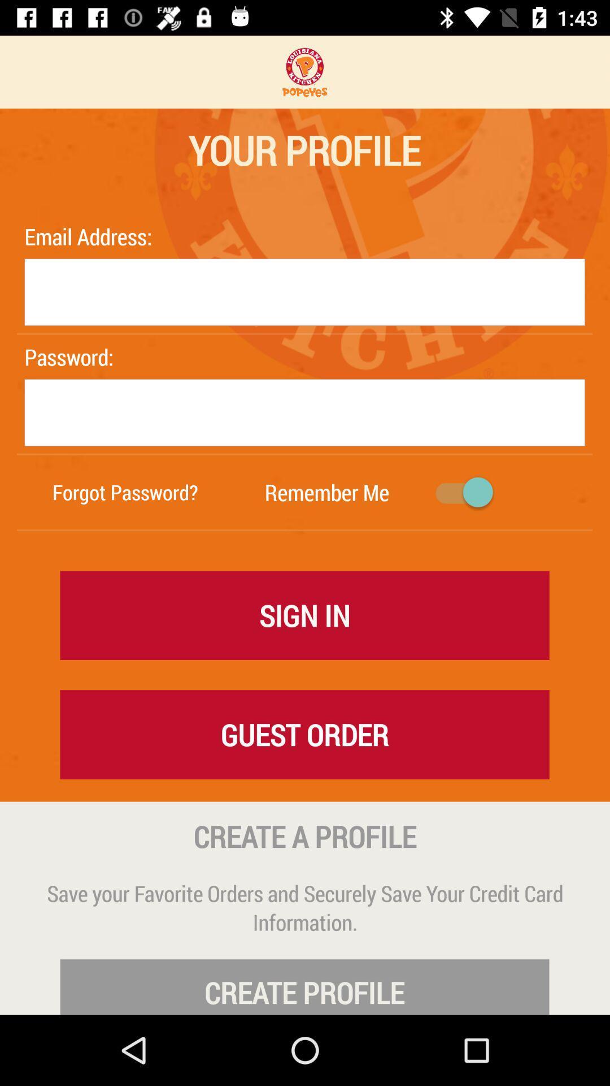 Image resolution: width=610 pixels, height=1086 pixels. Describe the element at coordinates (326, 492) in the screenshot. I see `the remember me item` at that location.